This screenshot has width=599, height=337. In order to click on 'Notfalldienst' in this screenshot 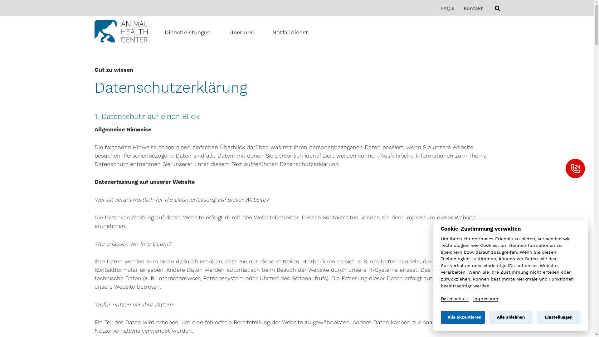, I will do `click(272, 32)`.